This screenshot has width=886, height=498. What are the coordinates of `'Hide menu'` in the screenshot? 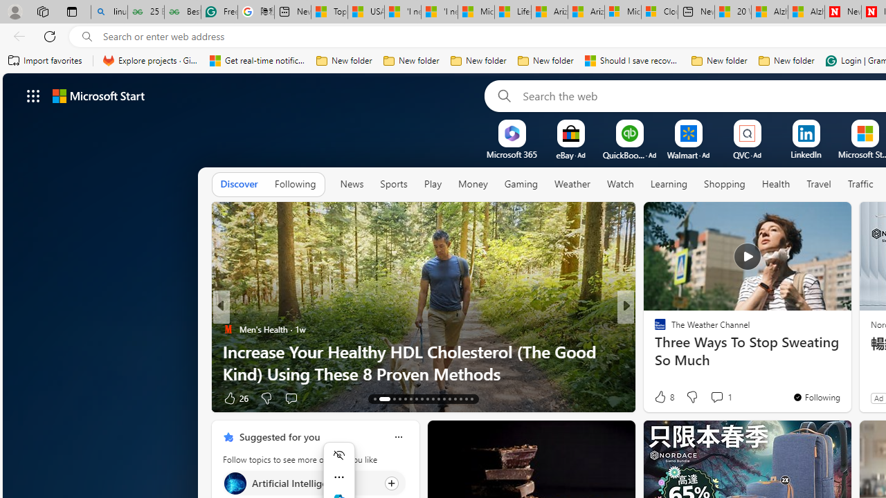 It's located at (339, 455).